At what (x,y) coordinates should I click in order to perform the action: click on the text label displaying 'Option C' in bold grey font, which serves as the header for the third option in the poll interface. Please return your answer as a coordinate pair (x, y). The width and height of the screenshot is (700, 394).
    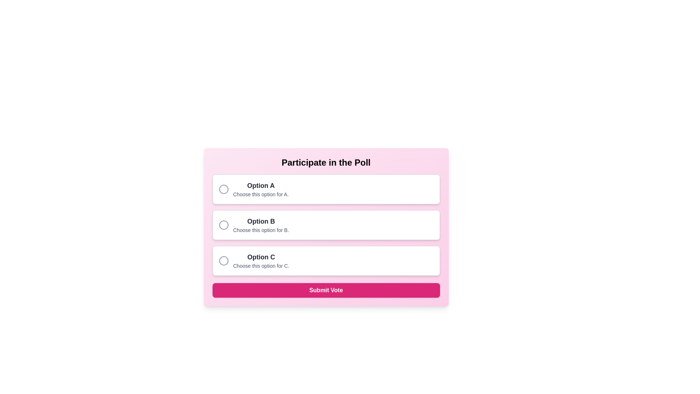
    Looking at the image, I should click on (261, 257).